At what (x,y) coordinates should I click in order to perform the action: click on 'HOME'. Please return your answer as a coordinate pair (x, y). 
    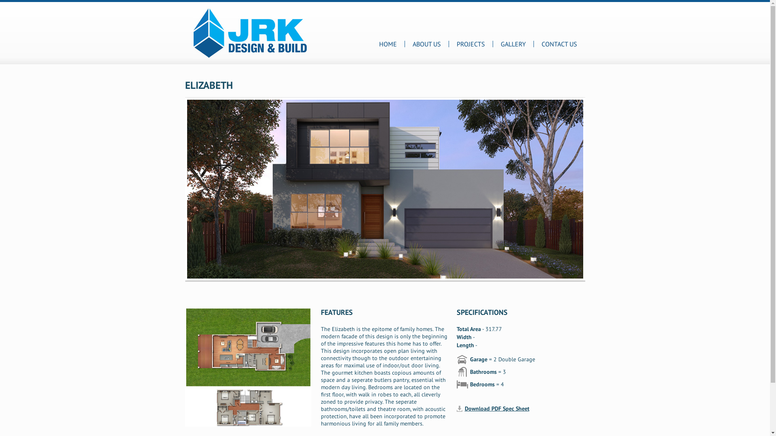
    Looking at the image, I should click on (370, 44).